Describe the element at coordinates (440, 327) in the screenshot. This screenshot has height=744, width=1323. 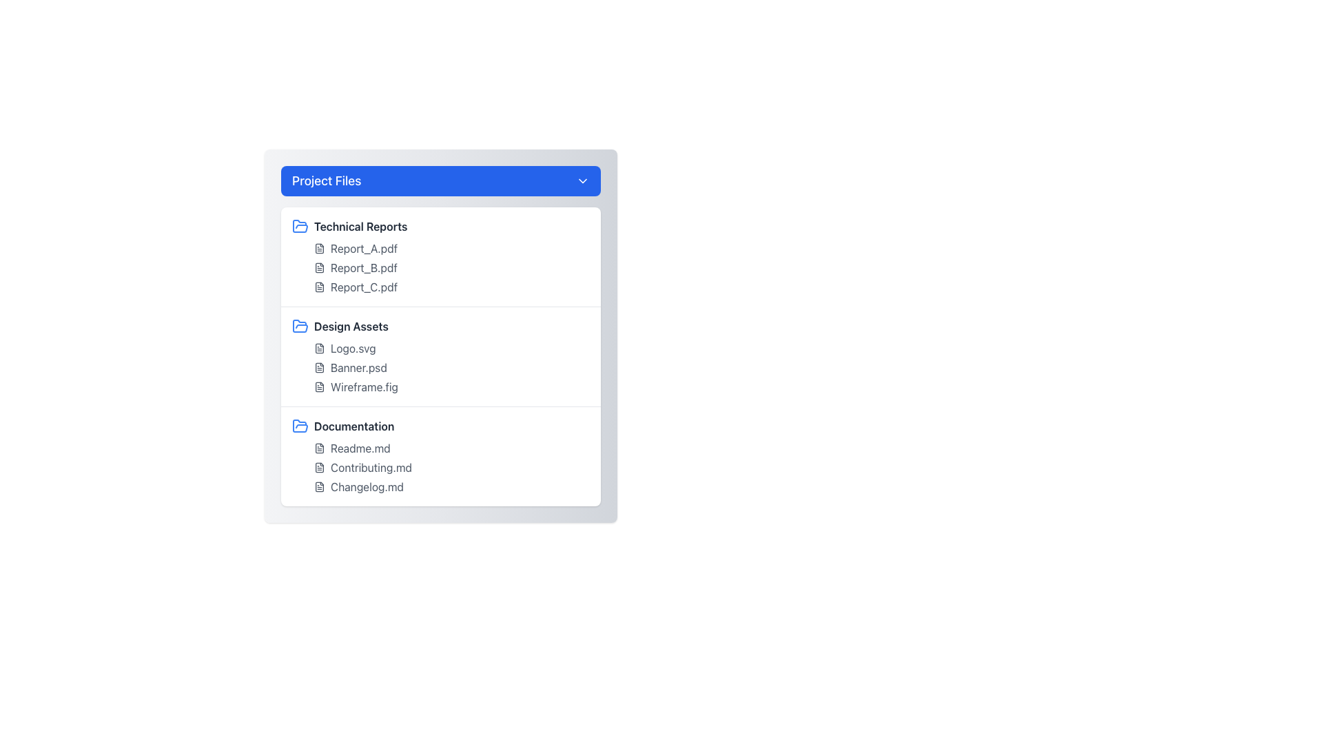
I see `the 'Design Assets' label element that features a blue folder icon and bold dark gray text` at that location.